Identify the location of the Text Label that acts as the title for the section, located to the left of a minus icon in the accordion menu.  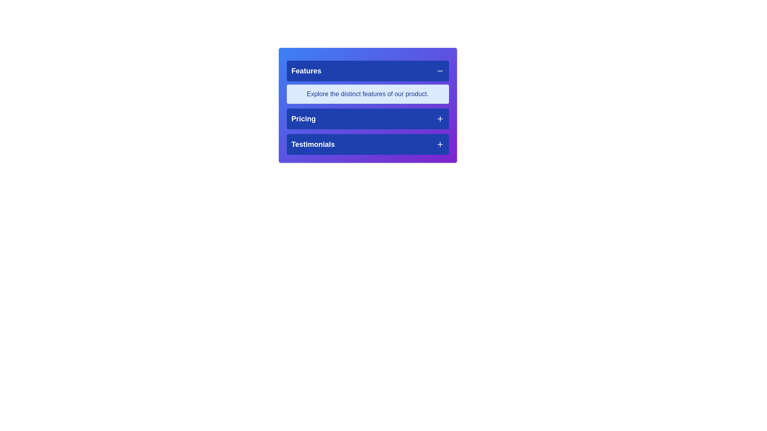
(306, 70).